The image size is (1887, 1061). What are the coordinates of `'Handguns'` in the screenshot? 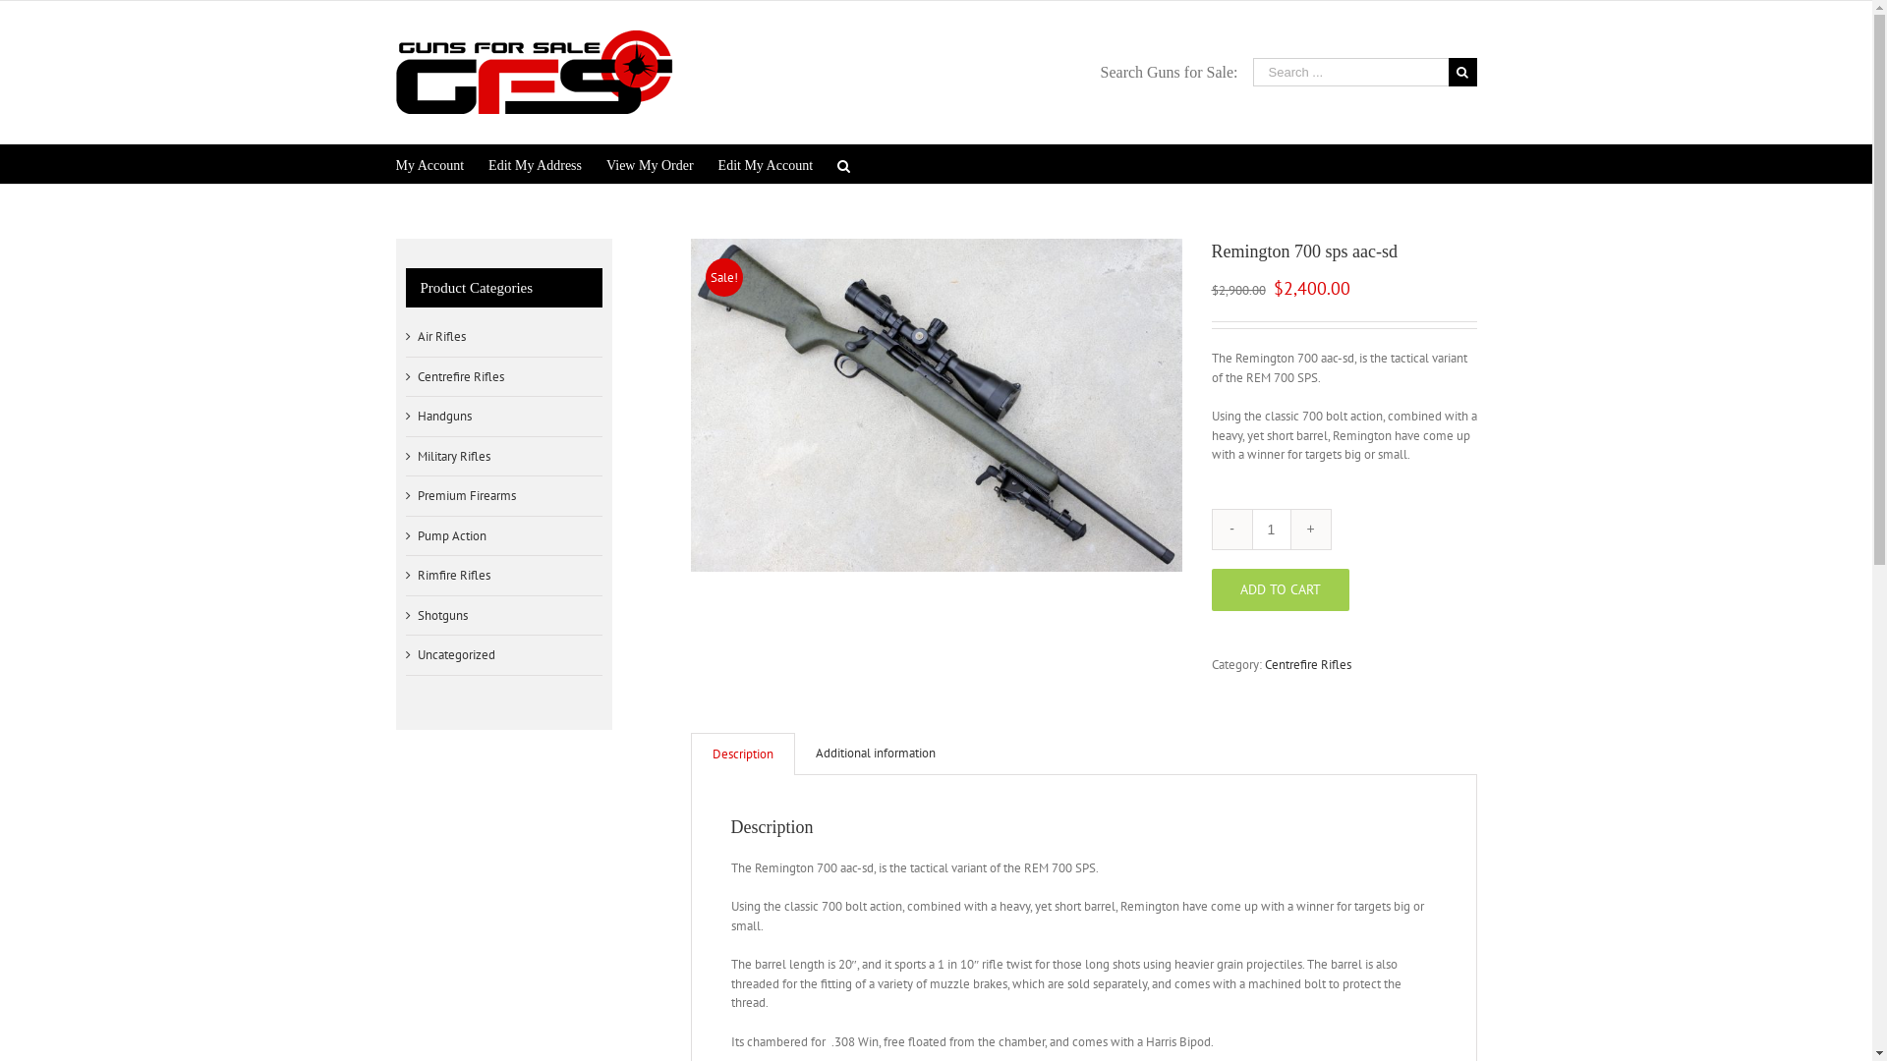 It's located at (442, 416).